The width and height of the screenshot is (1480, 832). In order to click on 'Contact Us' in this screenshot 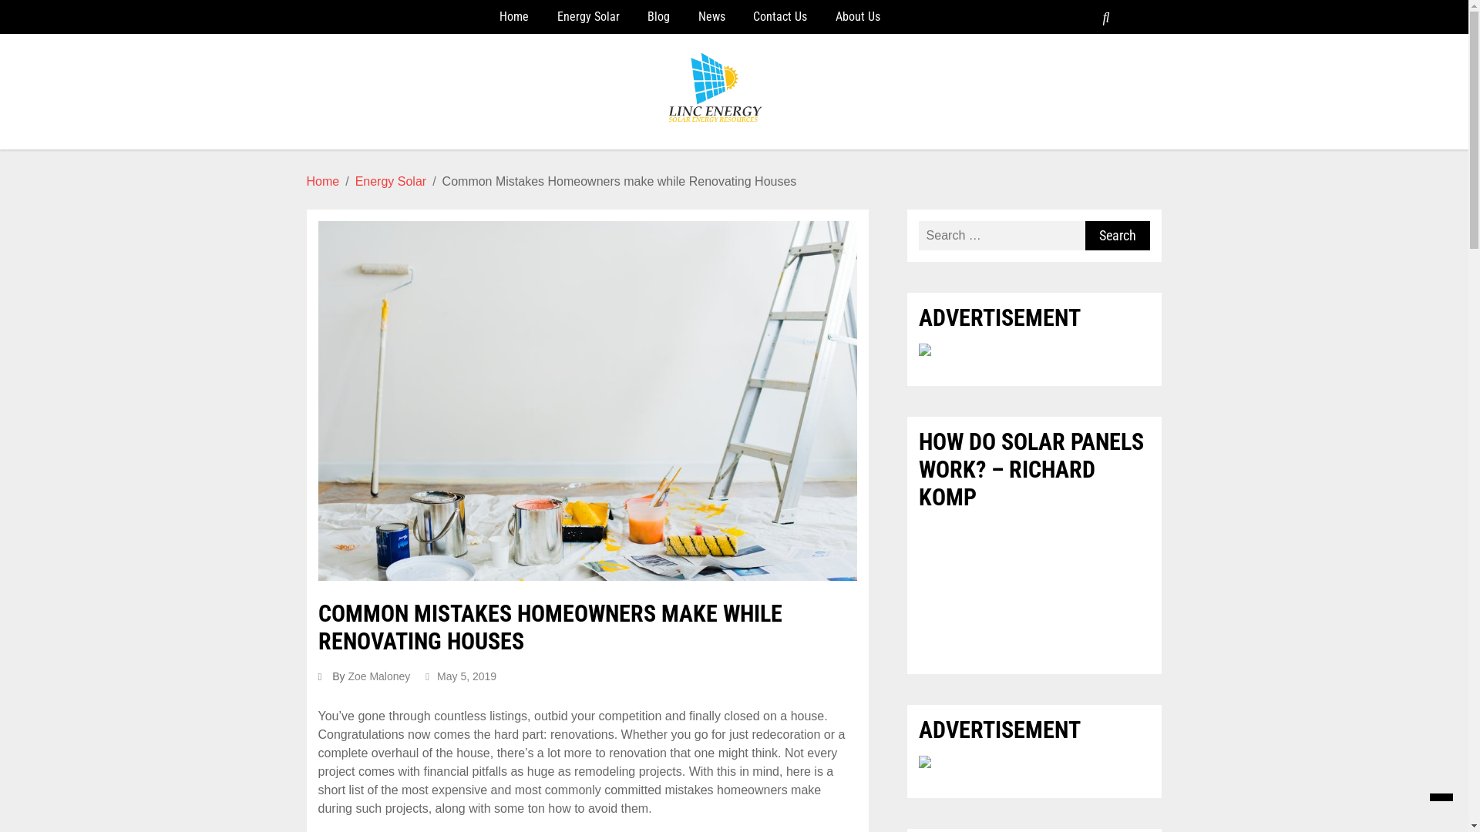, I will do `click(780, 17)`.